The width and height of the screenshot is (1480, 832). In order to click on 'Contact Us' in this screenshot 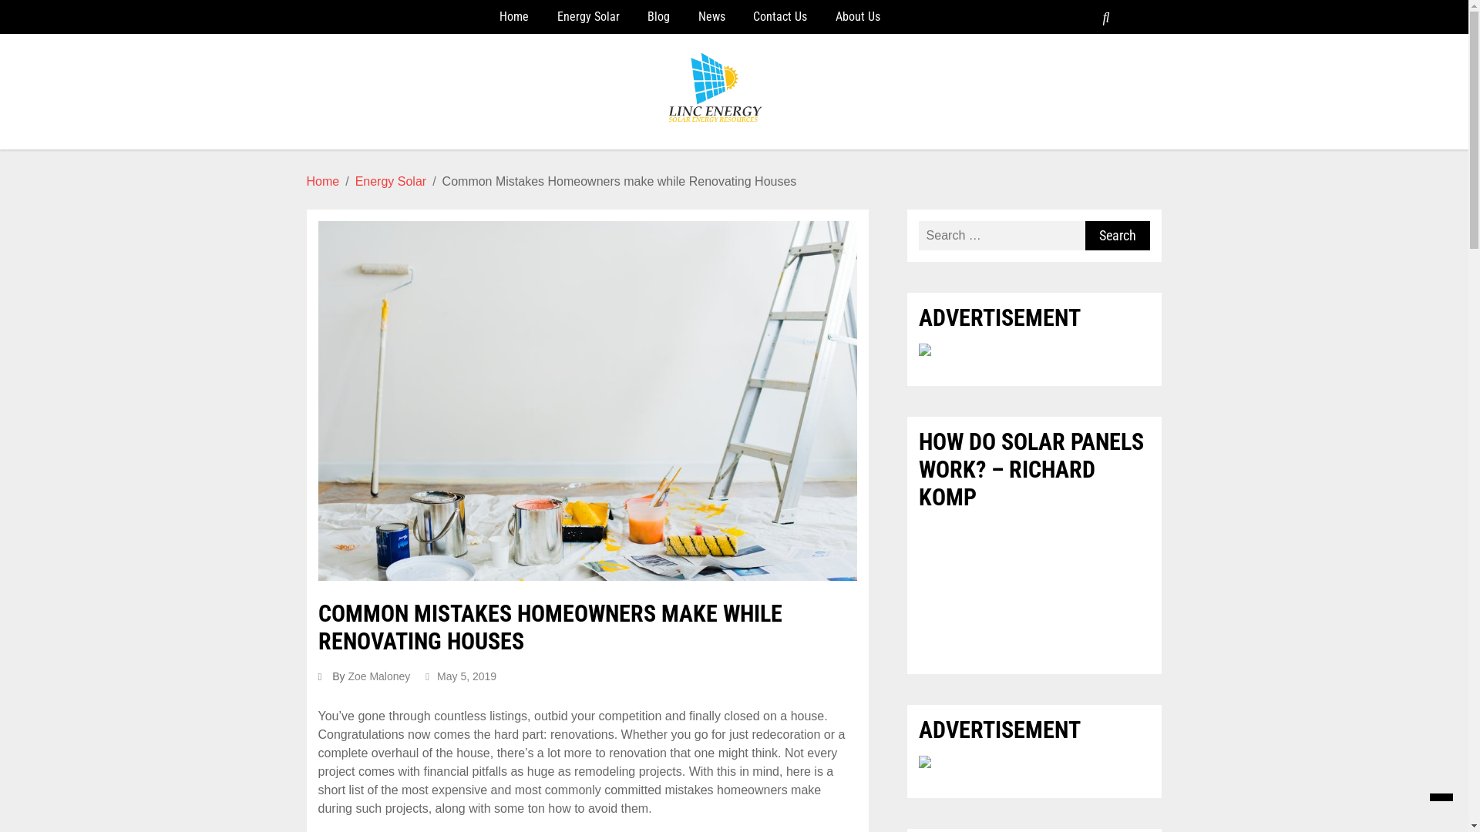, I will do `click(780, 17)`.